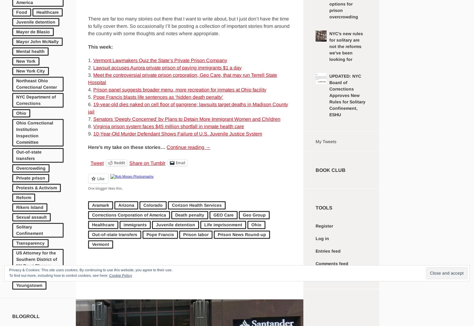 The image size is (474, 326). What do you see at coordinates (347, 95) in the screenshot?
I see `'UPDATED: NYC Board of Corrections Approves New Rules for Solitary Confinement, ESHU'` at bounding box center [347, 95].